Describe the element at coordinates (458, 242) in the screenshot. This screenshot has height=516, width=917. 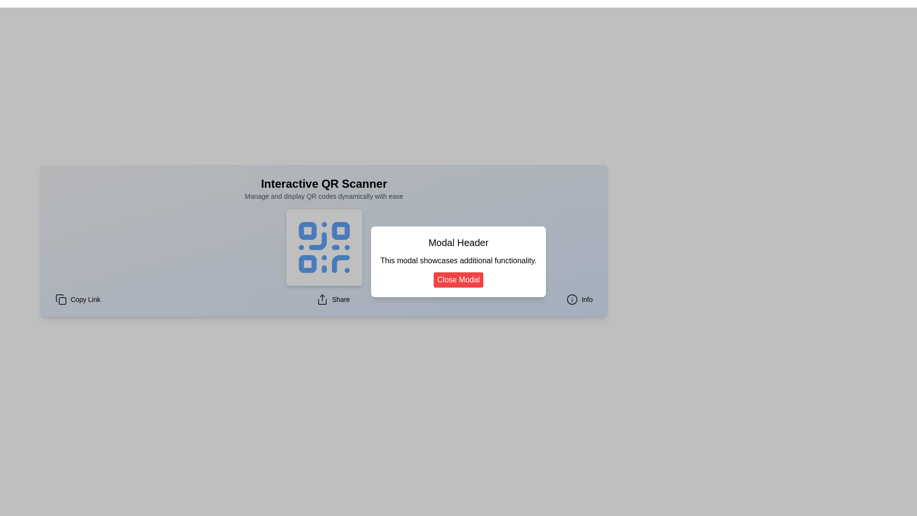
I see `the text header displaying 'Modal Header' located at the top of the modal dialog box, above the descriptive text and 'Close Modal' button` at that location.